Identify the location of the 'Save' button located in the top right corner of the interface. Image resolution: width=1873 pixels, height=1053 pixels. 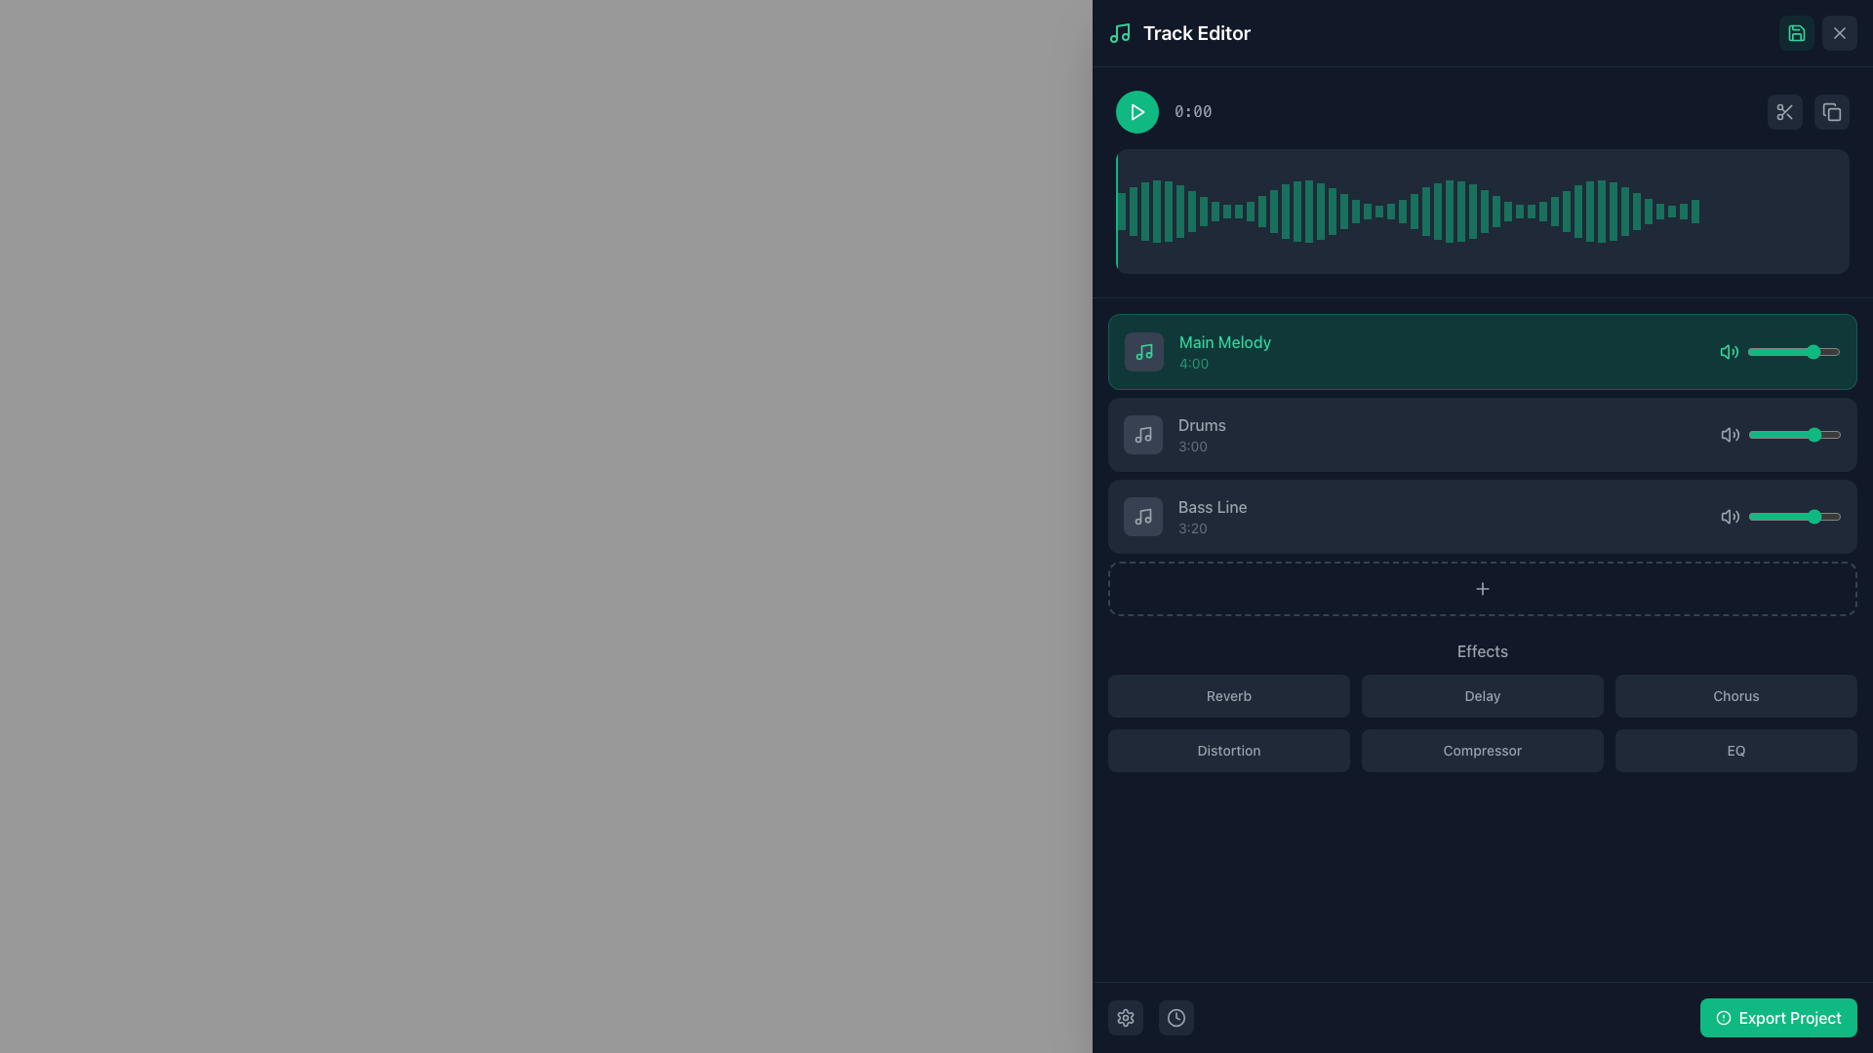
(1796, 33).